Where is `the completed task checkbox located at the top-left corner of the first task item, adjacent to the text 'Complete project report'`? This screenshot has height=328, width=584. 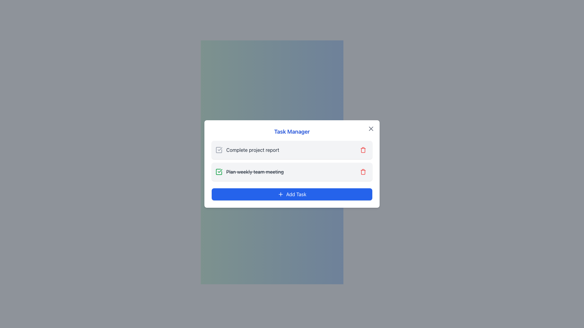 the completed task checkbox located at the top-left corner of the first task item, adjacent to the text 'Complete project report' is located at coordinates (219, 150).